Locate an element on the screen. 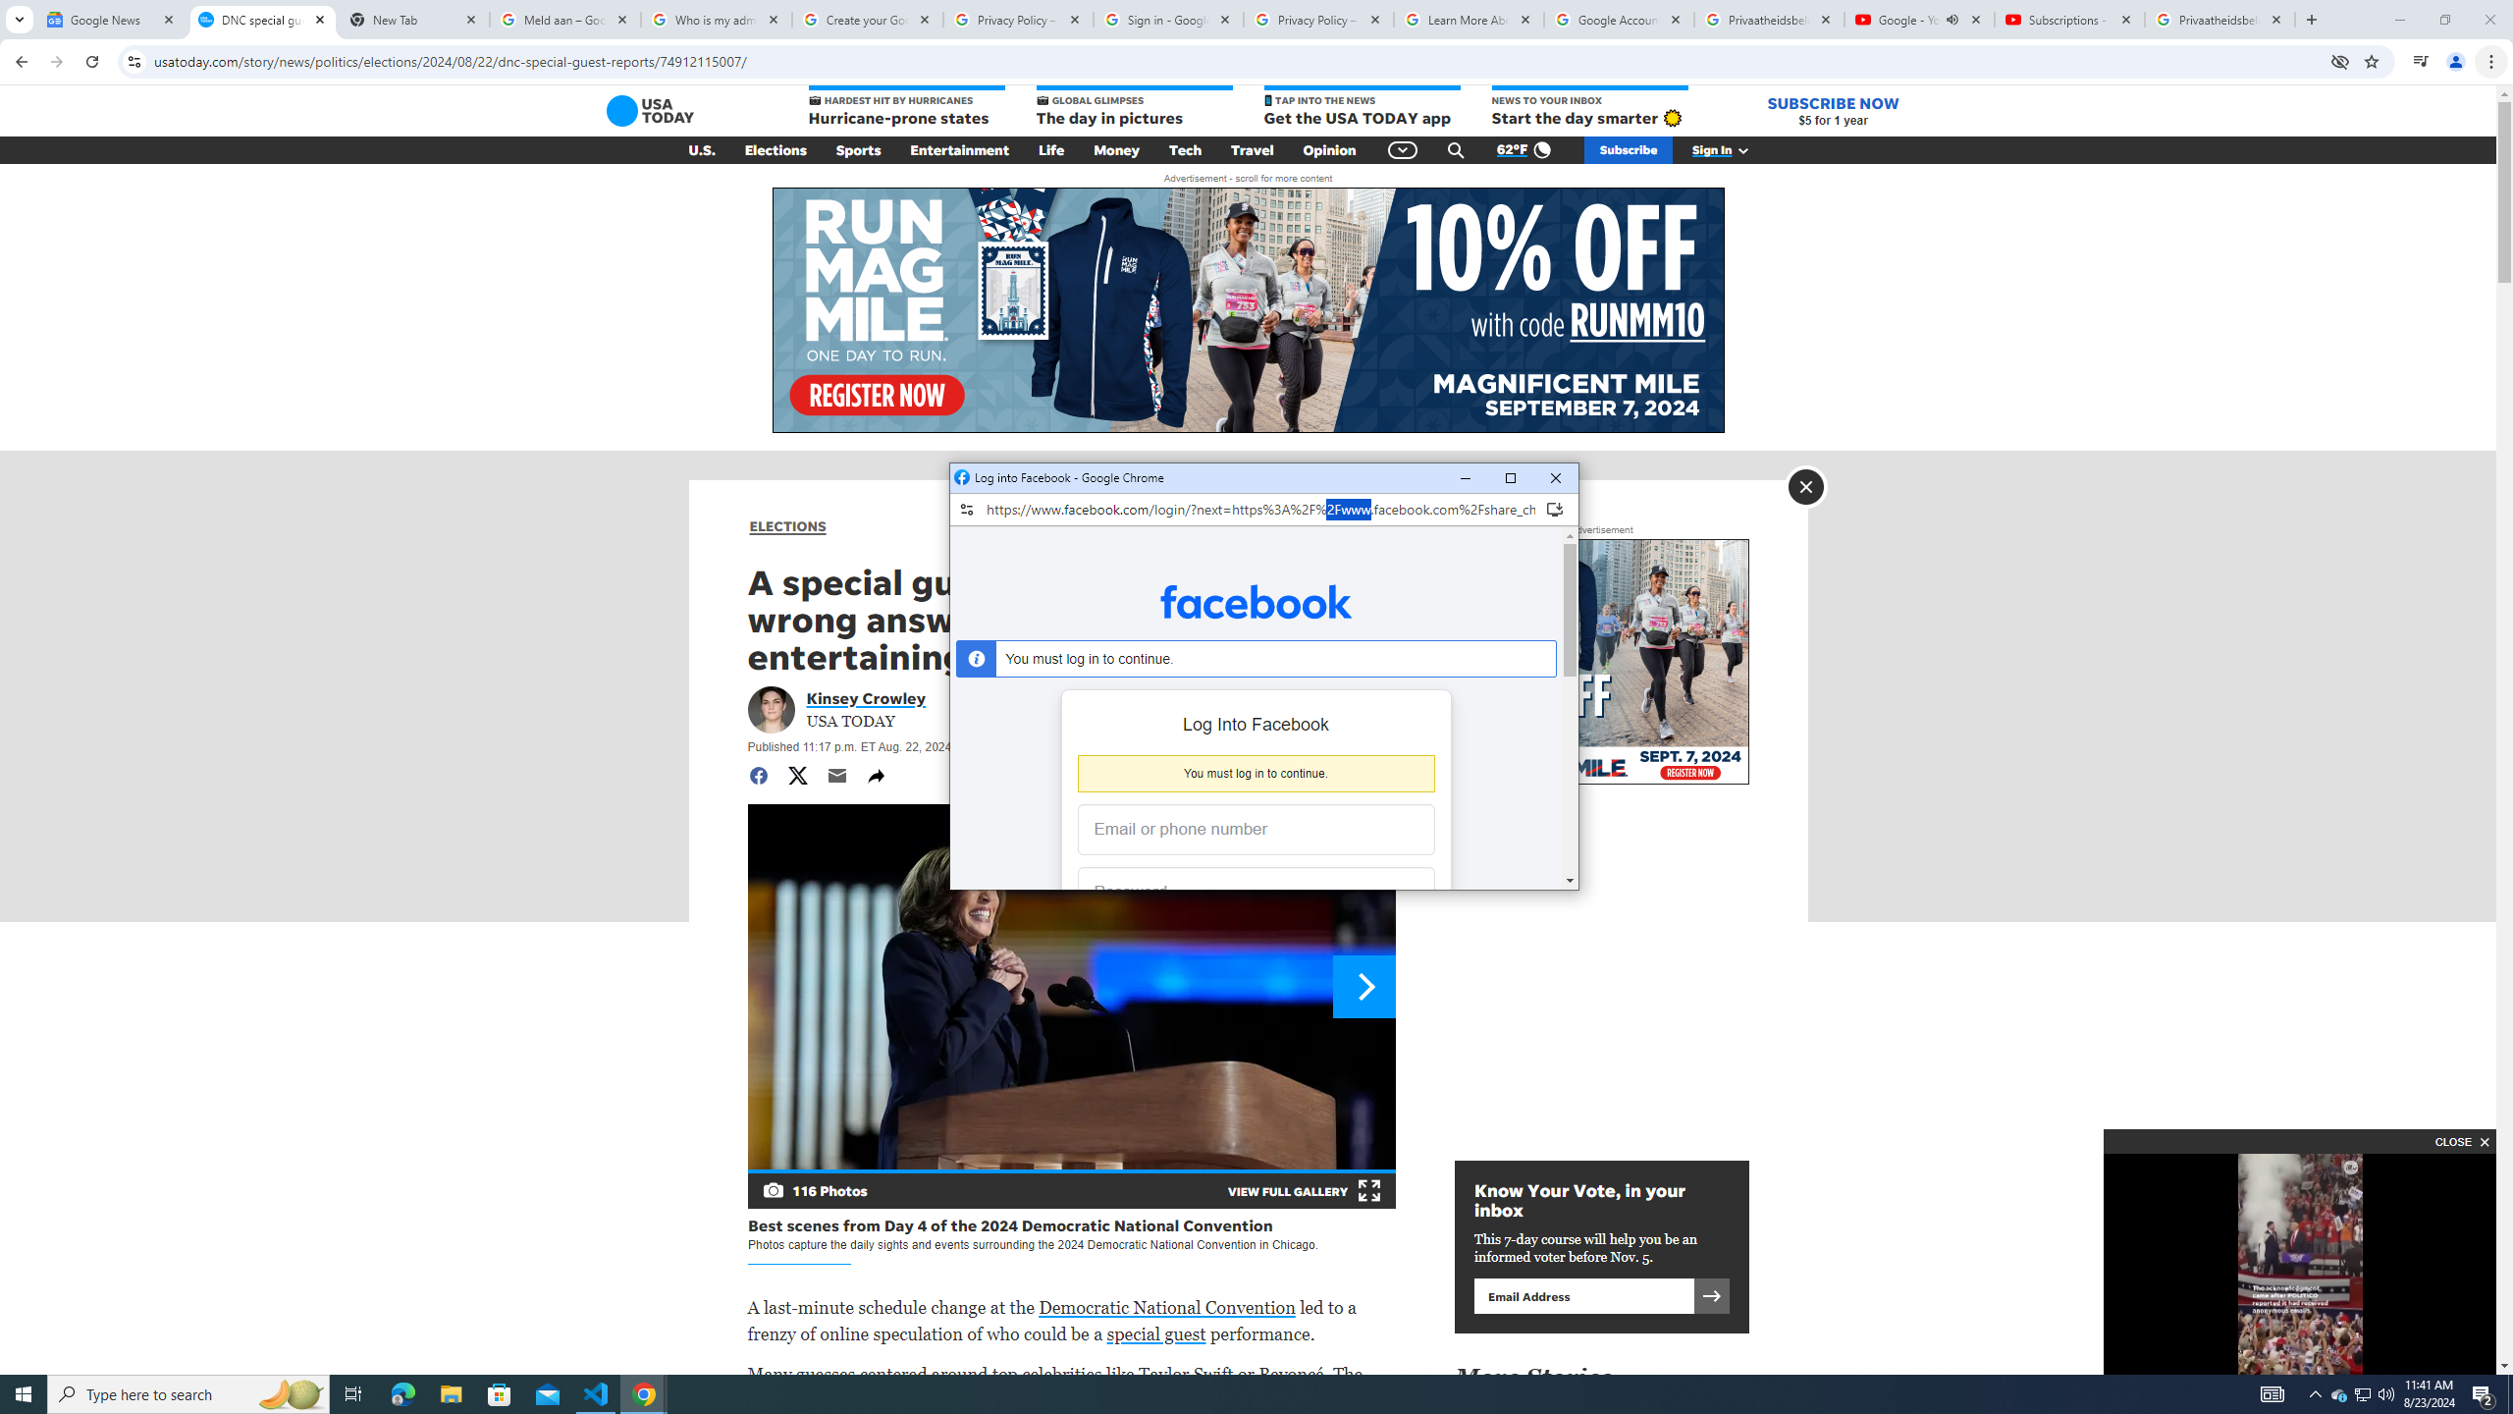  'USA TODAY' is located at coordinates (651, 110).